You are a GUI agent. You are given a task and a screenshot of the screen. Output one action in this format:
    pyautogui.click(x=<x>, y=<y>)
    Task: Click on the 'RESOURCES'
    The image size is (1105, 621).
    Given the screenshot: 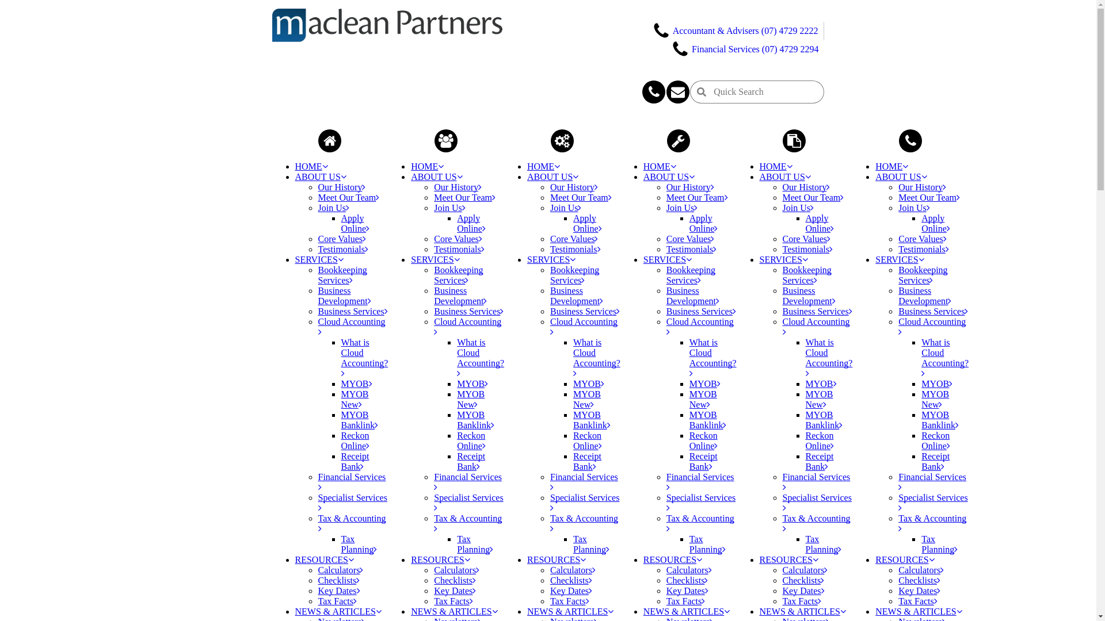 What is the action you would take?
    pyautogui.click(x=643, y=559)
    